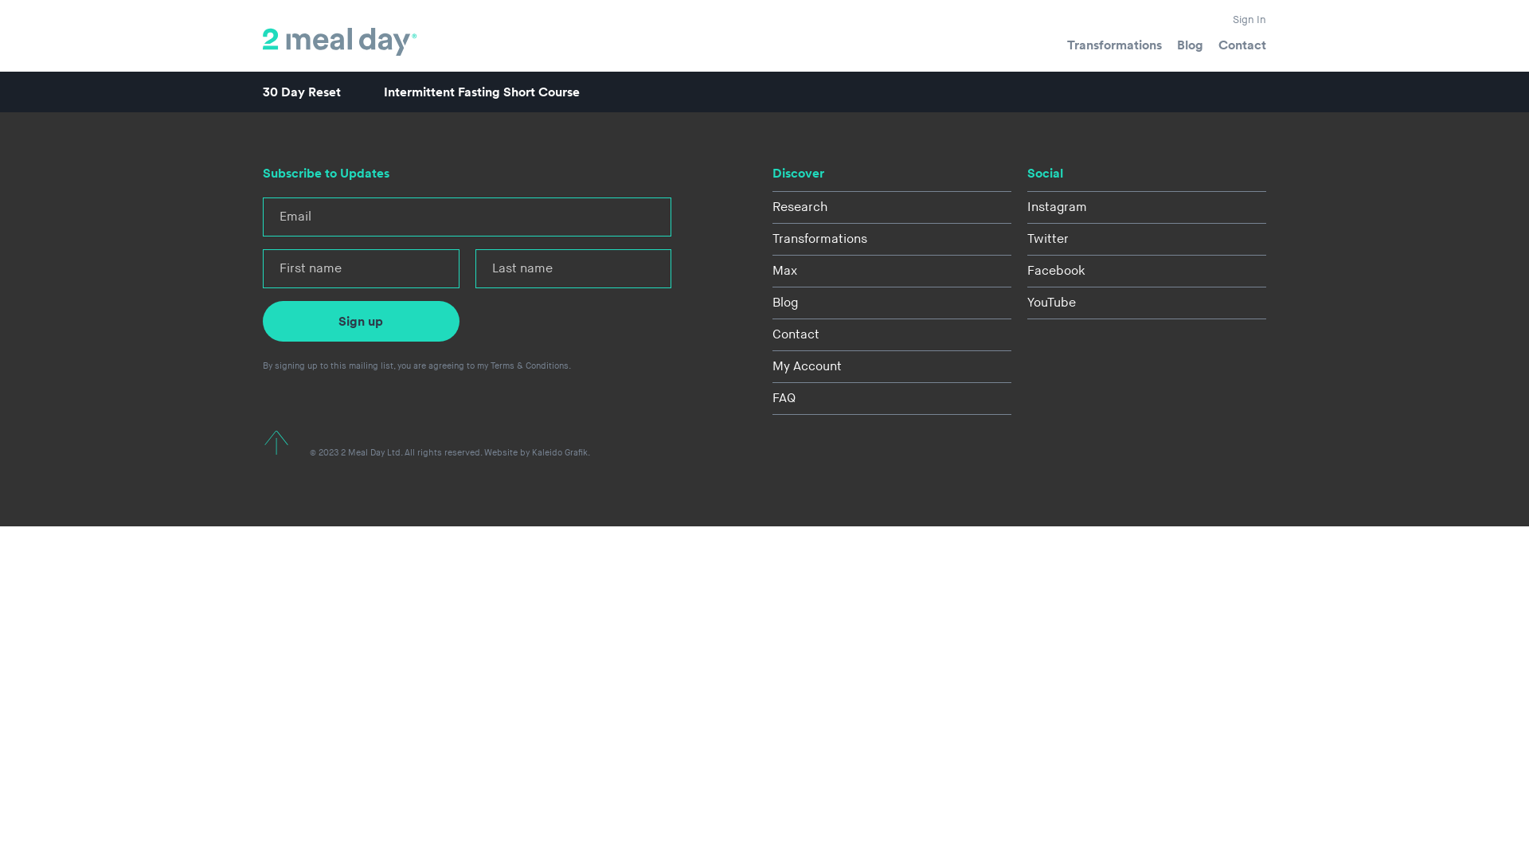 Image resolution: width=1529 pixels, height=860 pixels. I want to click on 'Sign up', so click(360, 321).